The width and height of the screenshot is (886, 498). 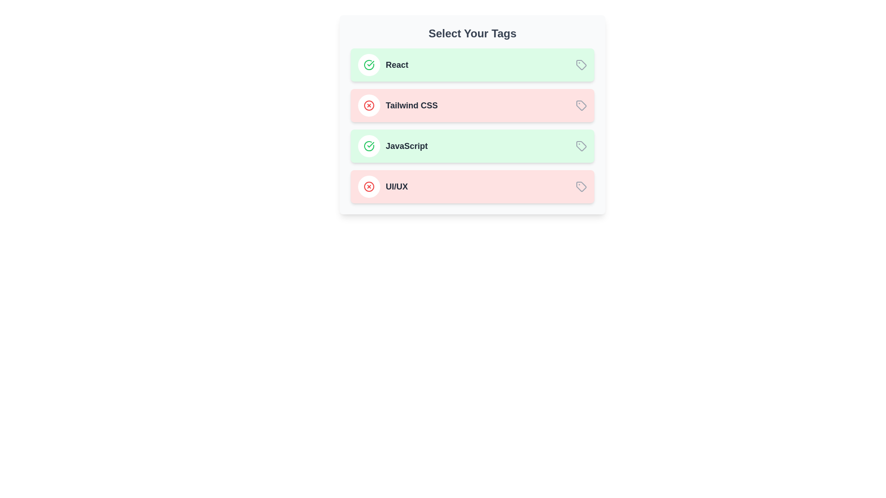 What do you see at coordinates (369, 65) in the screenshot?
I see `the selected state icon of the 'React' tag located at the top-left corner of the first entry in the 'Select Your Tags' section` at bounding box center [369, 65].